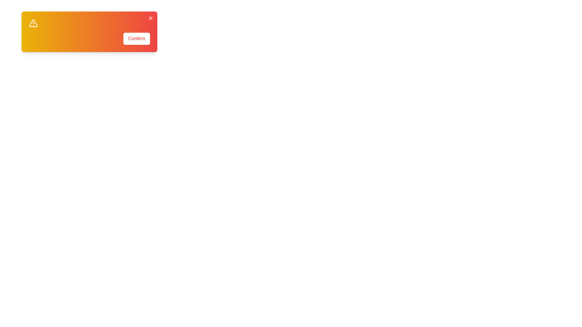 Image resolution: width=582 pixels, height=327 pixels. What do you see at coordinates (33, 23) in the screenshot?
I see `the triangular outline of the warning icon located in the upper-left corner of the modal dialog box` at bounding box center [33, 23].